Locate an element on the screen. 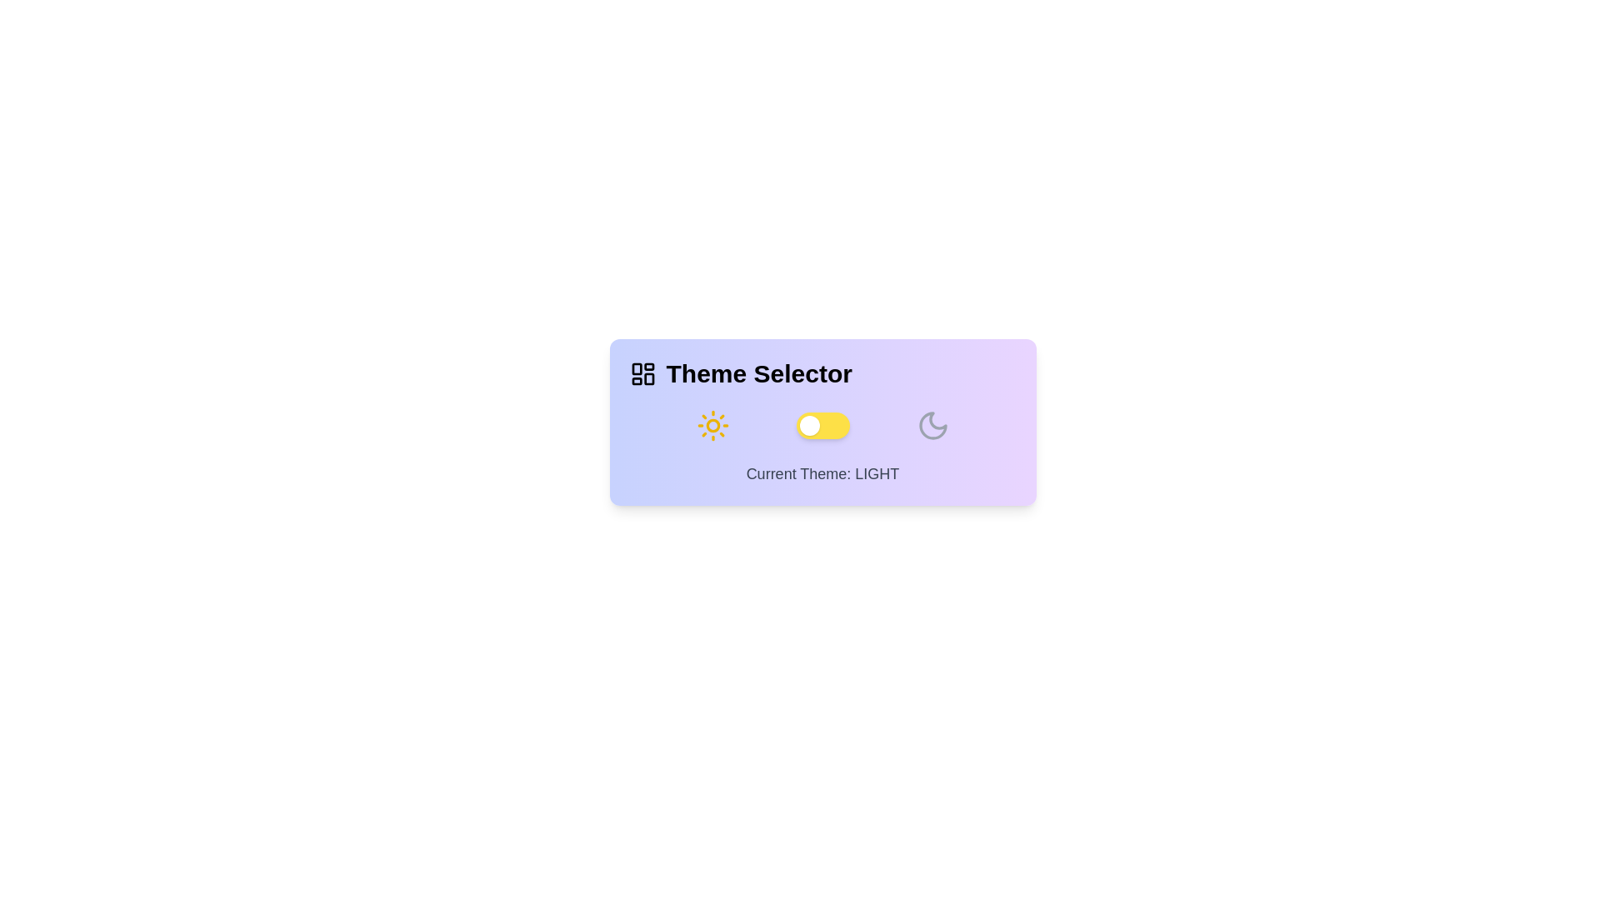 The image size is (1600, 900). the toggle button to switch the theme is located at coordinates (822, 424).